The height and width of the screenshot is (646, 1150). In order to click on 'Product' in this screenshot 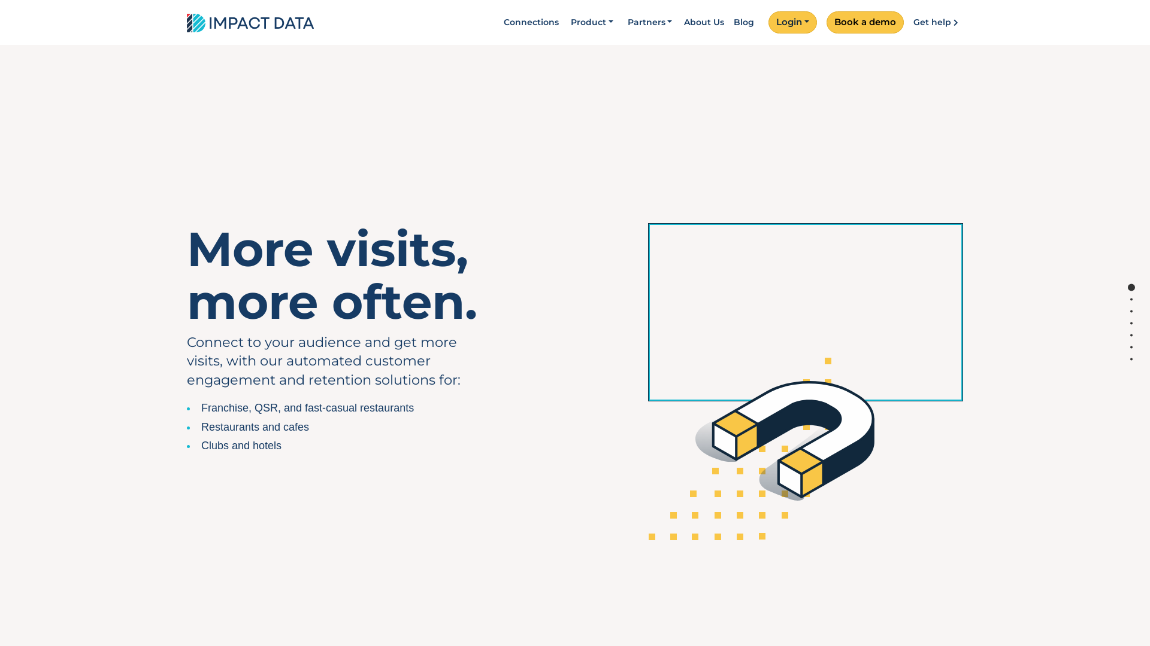, I will do `click(592, 22)`.